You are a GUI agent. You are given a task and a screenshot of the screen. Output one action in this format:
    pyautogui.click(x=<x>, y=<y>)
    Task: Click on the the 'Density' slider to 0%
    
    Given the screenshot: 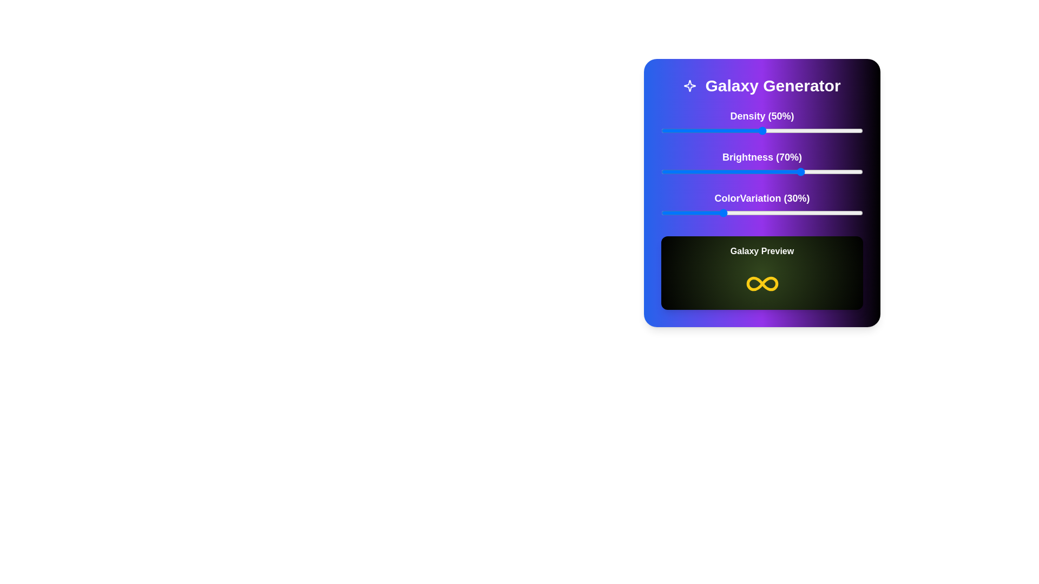 What is the action you would take?
    pyautogui.click(x=661, y=130)
    